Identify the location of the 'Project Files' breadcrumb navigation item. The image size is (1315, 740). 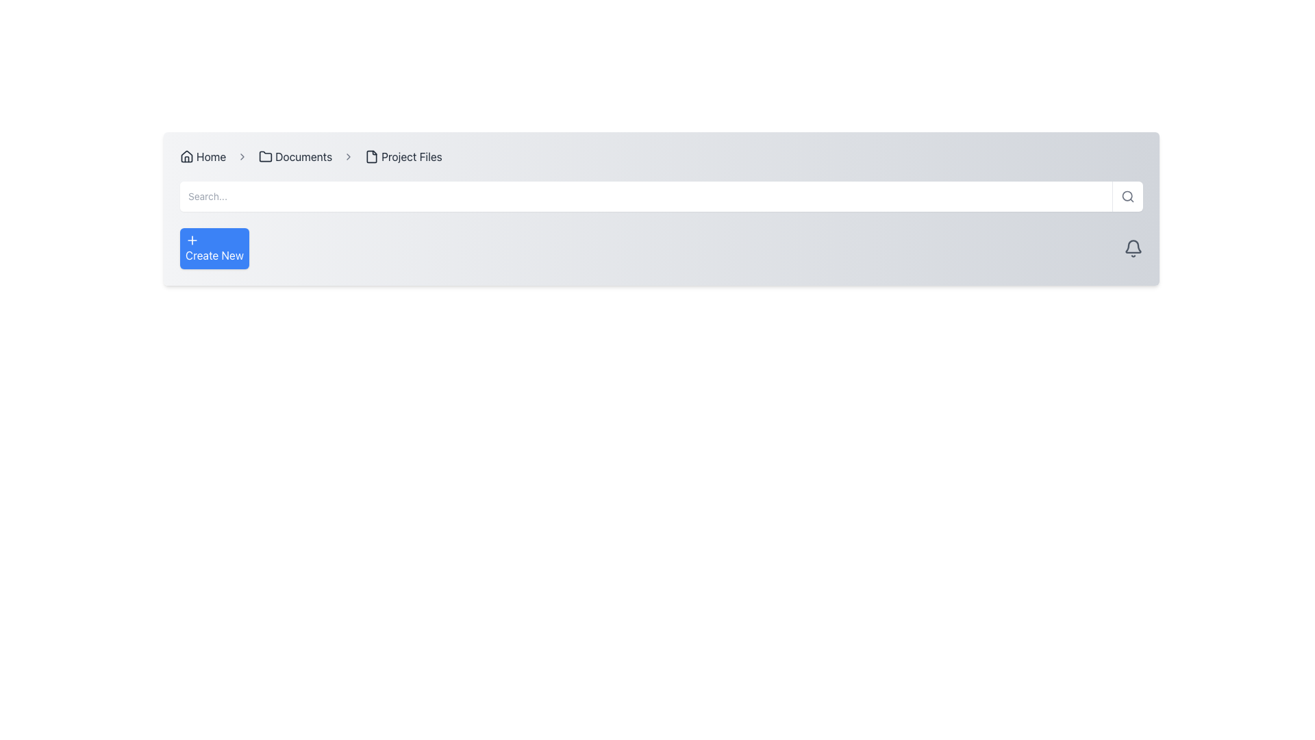
(403, 156).